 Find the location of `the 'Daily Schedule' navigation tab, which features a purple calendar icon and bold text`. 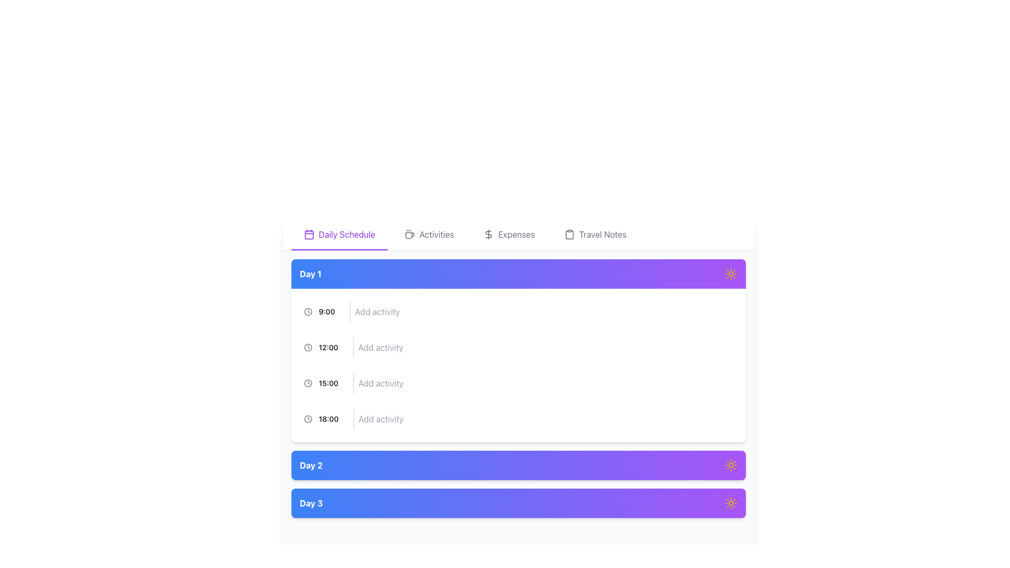

the 'Daily Schedule' navigation tab, which features a purple calendar icon and bold text is located at coordinates (339, 235).